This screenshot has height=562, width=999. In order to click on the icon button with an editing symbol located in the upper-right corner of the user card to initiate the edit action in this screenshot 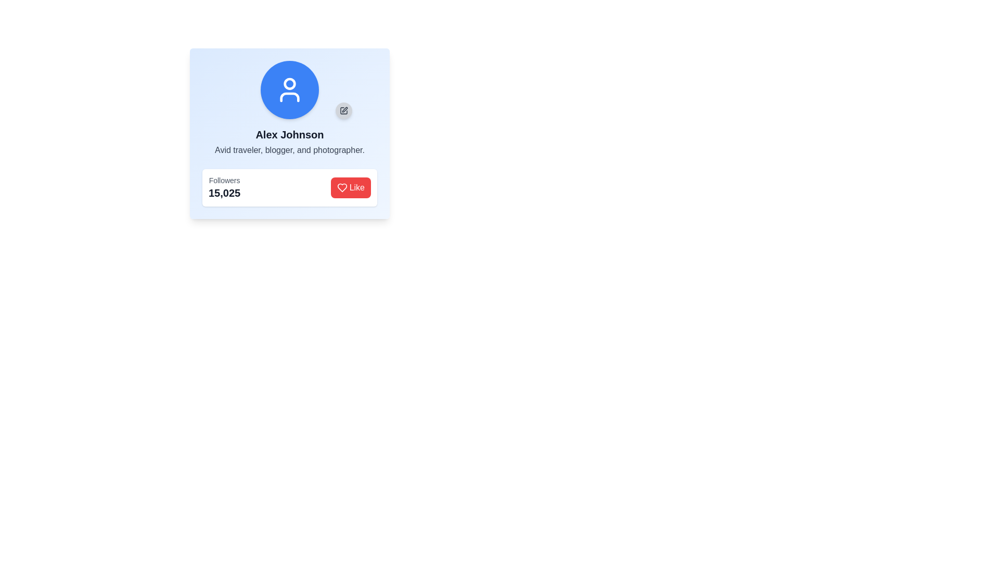, I will do `click(344, 110)`.